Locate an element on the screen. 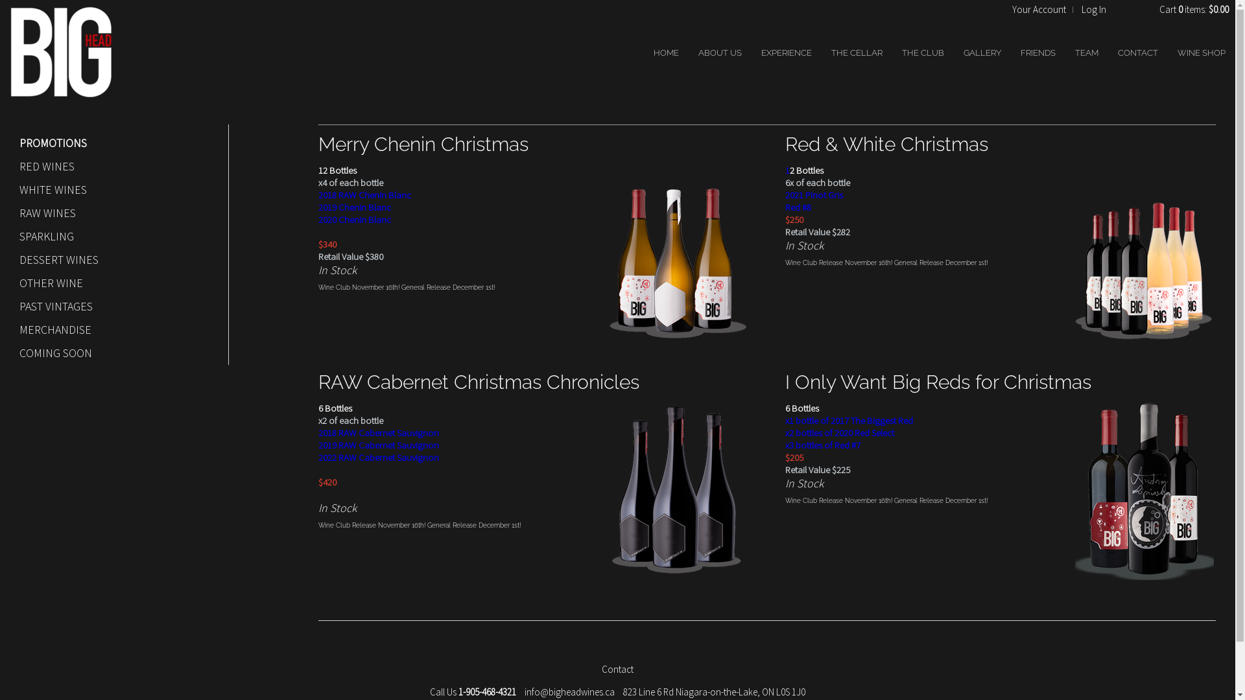 The width and height of the screenshot is (1245, 700). 'GALLERY' is located at coordinates (982, 52).